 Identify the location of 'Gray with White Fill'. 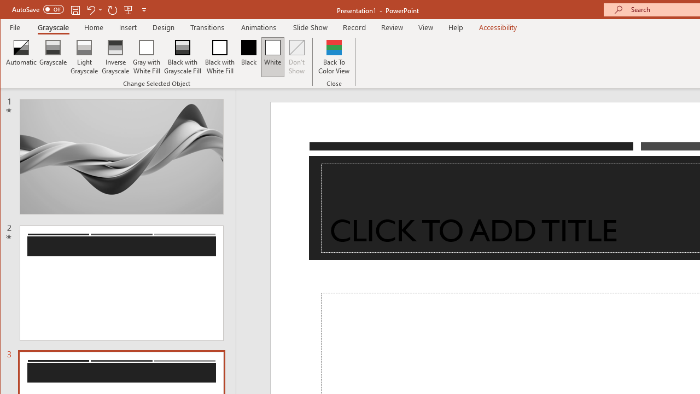
(146, 57).